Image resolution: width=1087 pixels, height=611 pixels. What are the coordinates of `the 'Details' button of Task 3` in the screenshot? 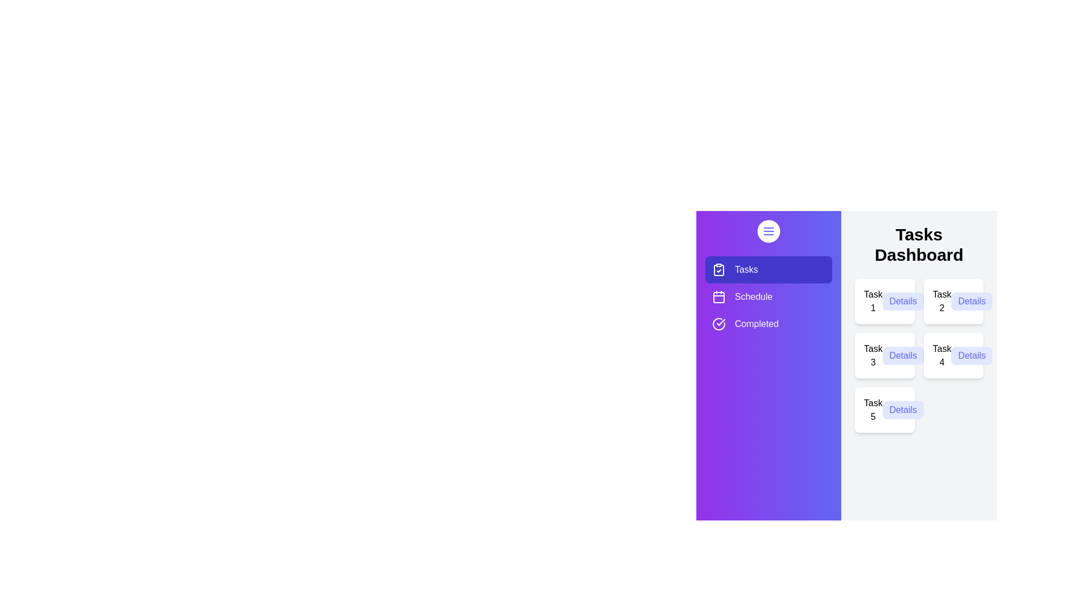 It's located at (902, 355).